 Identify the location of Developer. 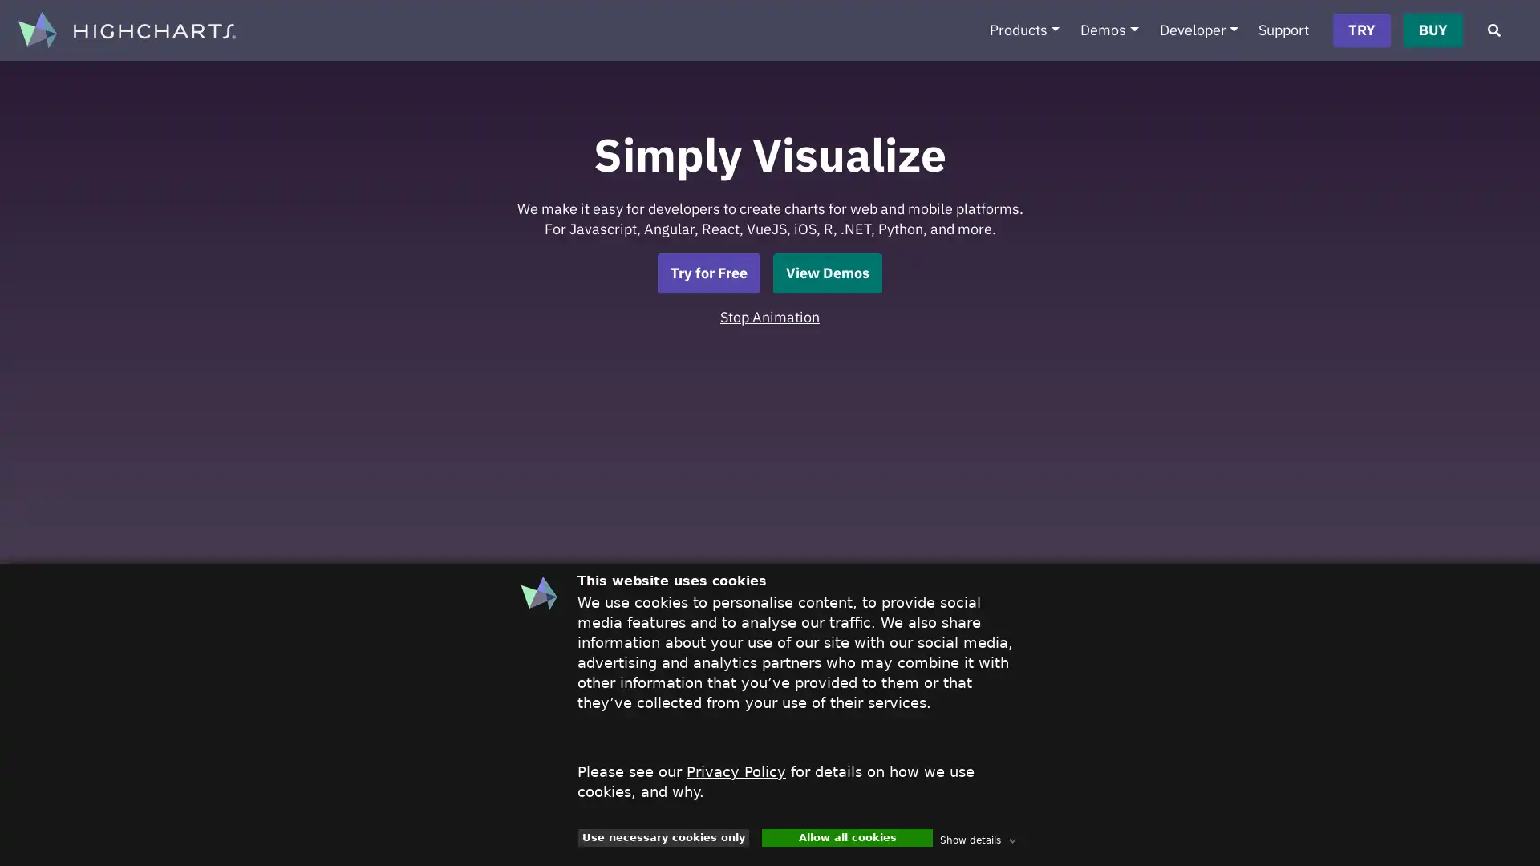
(1198, 30).